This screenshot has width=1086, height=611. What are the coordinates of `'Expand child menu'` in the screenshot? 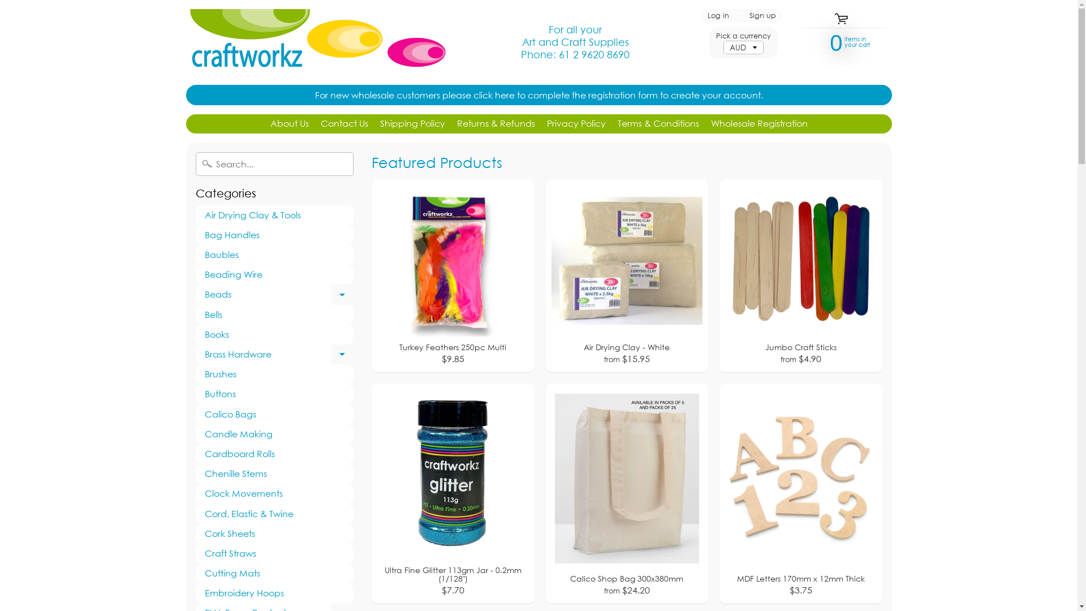 It's located at (341, 294).